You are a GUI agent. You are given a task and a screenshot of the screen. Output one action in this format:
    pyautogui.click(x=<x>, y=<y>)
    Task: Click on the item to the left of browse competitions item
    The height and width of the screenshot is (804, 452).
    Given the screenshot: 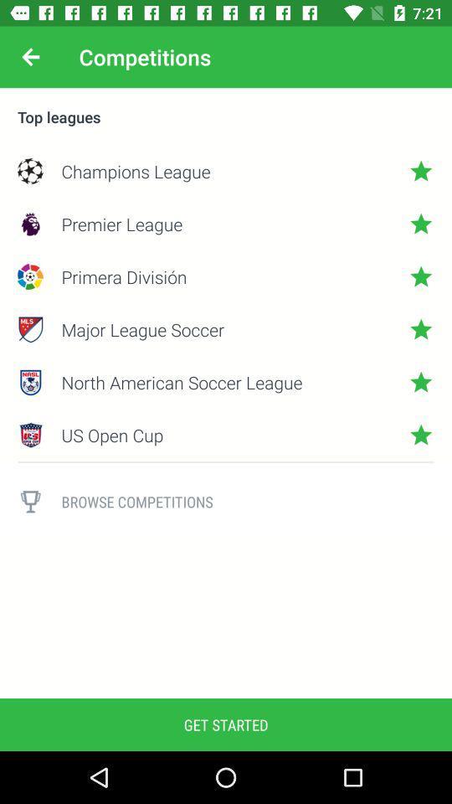 What is the action you would take?
    pyautogui.click(x=30, y=502)
    